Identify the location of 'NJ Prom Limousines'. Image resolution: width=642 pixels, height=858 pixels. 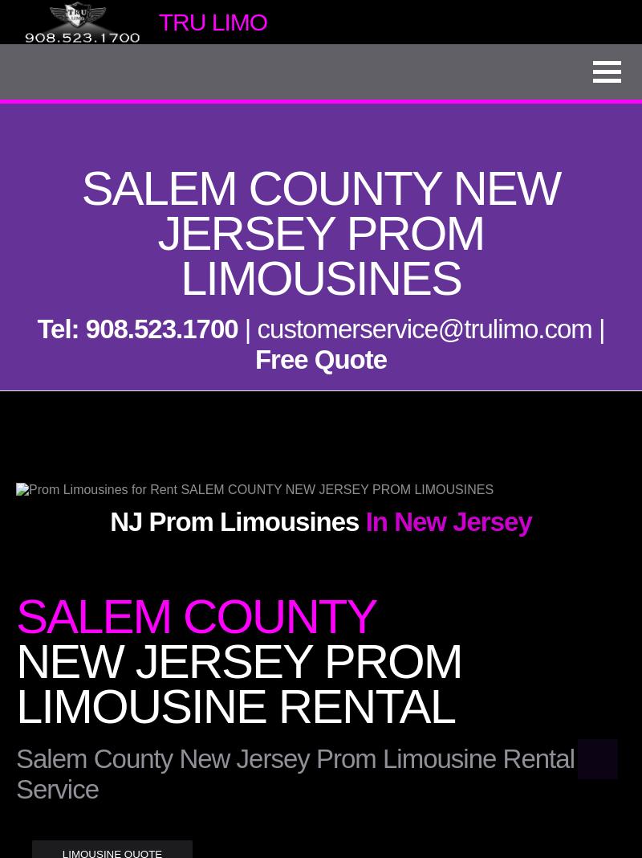
(234, 521).